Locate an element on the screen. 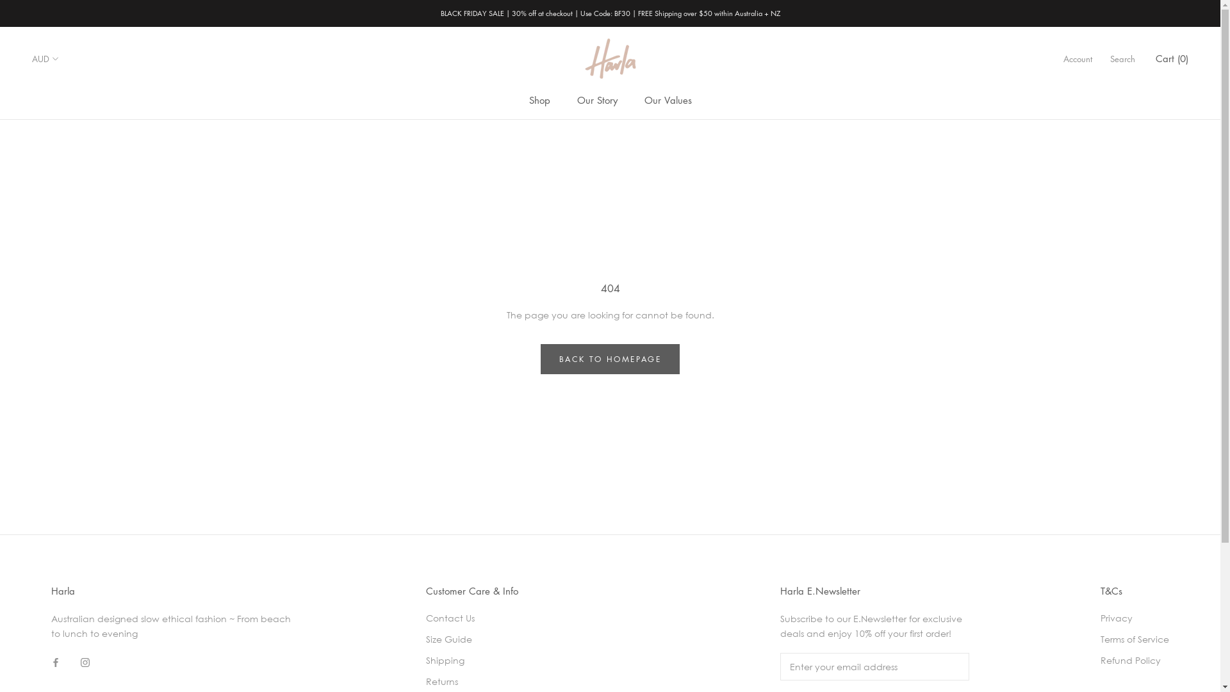 This screenshot has width=1230, height=692. 'Privacy' is located at coordinates (1135, 617).